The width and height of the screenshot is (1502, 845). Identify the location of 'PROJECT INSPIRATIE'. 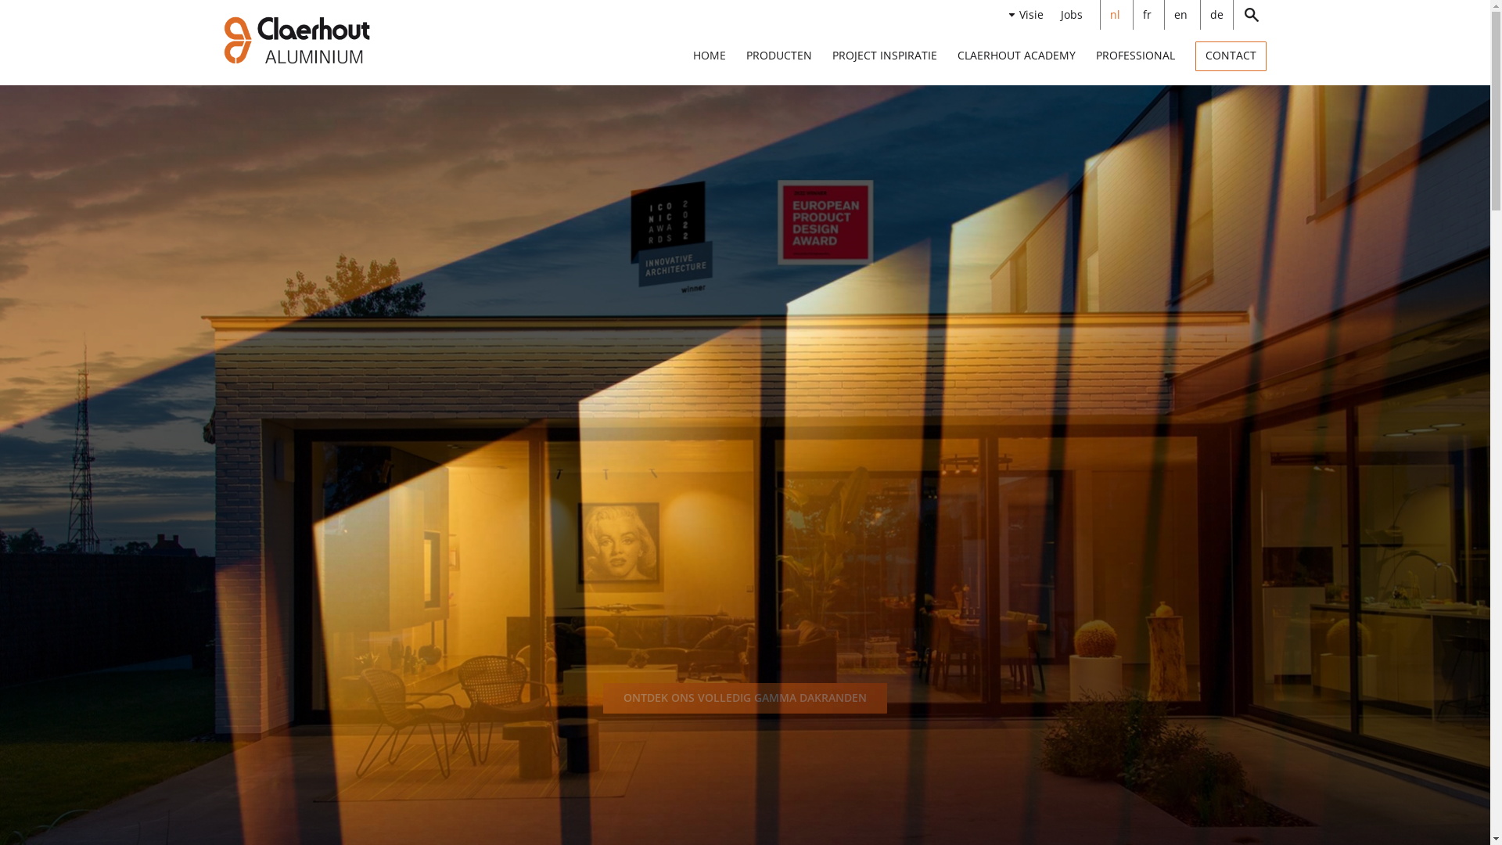
(885, 56).